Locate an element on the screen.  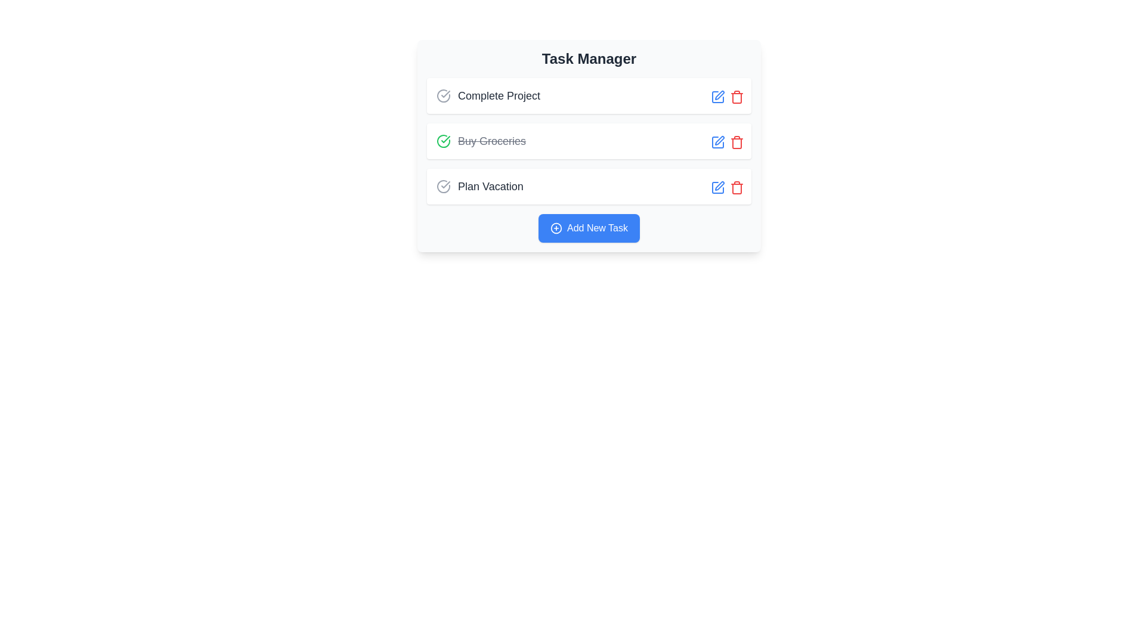
the completed task item that is the second task in the task management interface, located below 'Complete Project' and above 'Plan Vacation' is located at coordinates (481, 140).